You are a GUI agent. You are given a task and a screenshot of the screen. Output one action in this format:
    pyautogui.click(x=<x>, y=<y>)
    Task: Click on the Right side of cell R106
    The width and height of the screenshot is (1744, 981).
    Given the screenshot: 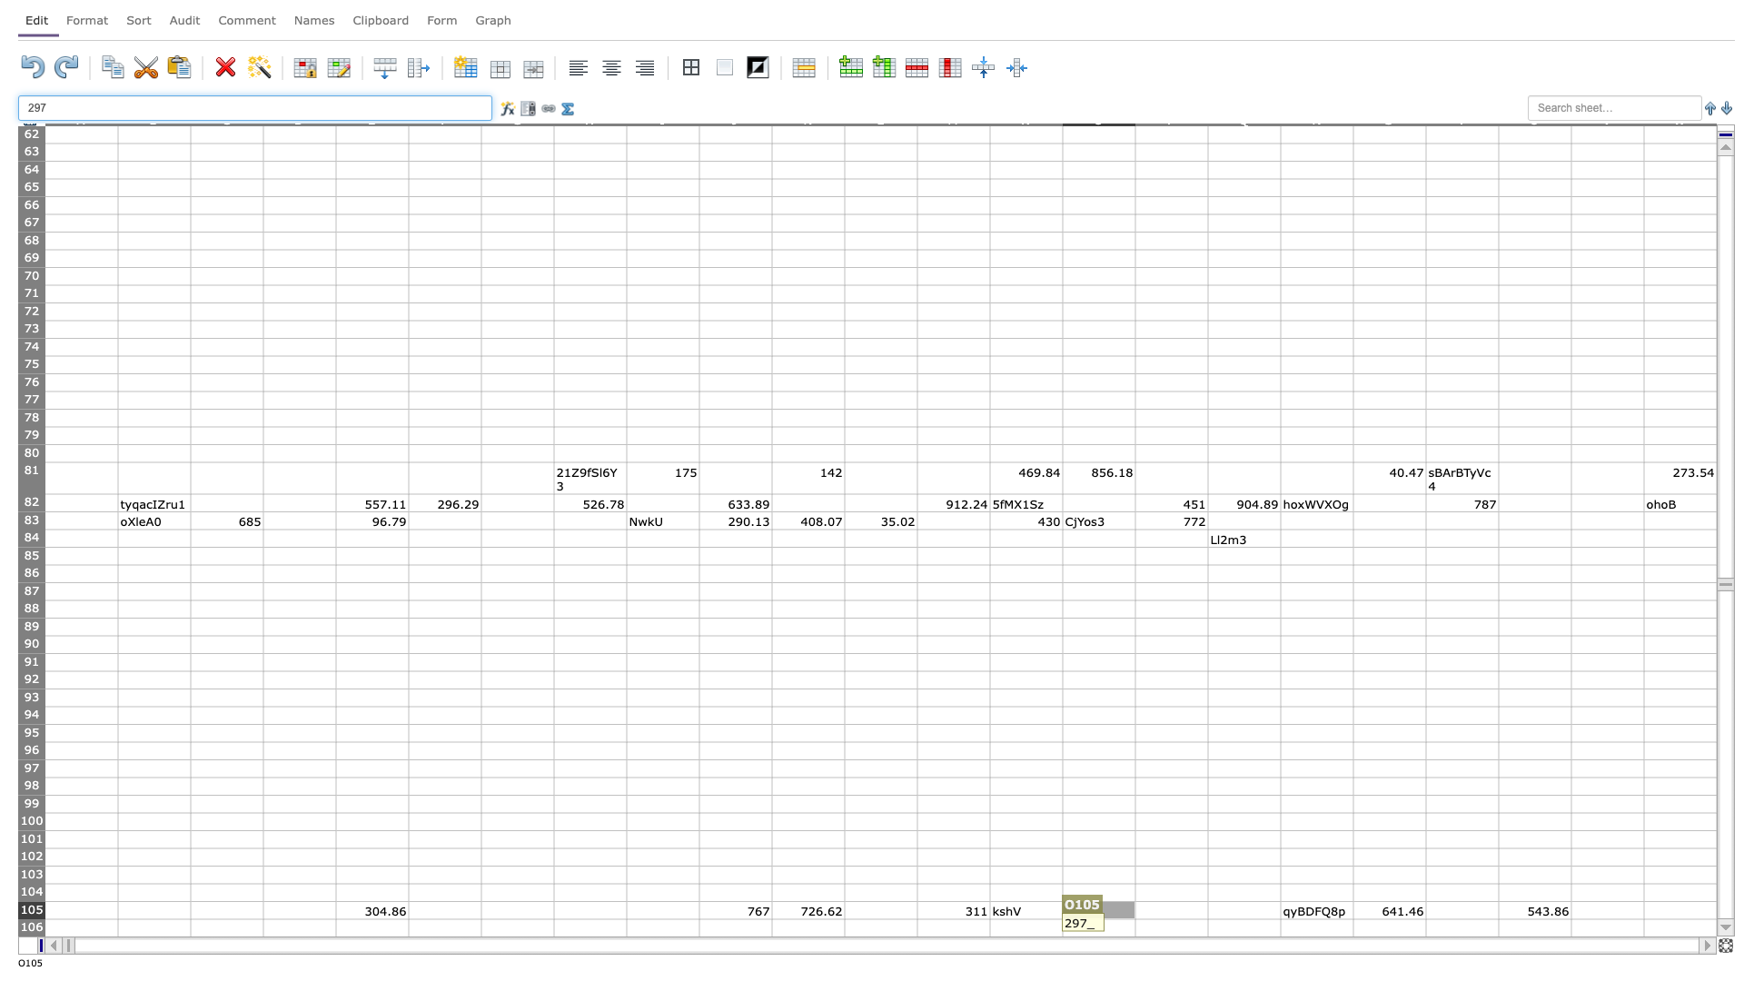 What is the action you would take?
    pyautogui.click(x=1353, y=927)
    